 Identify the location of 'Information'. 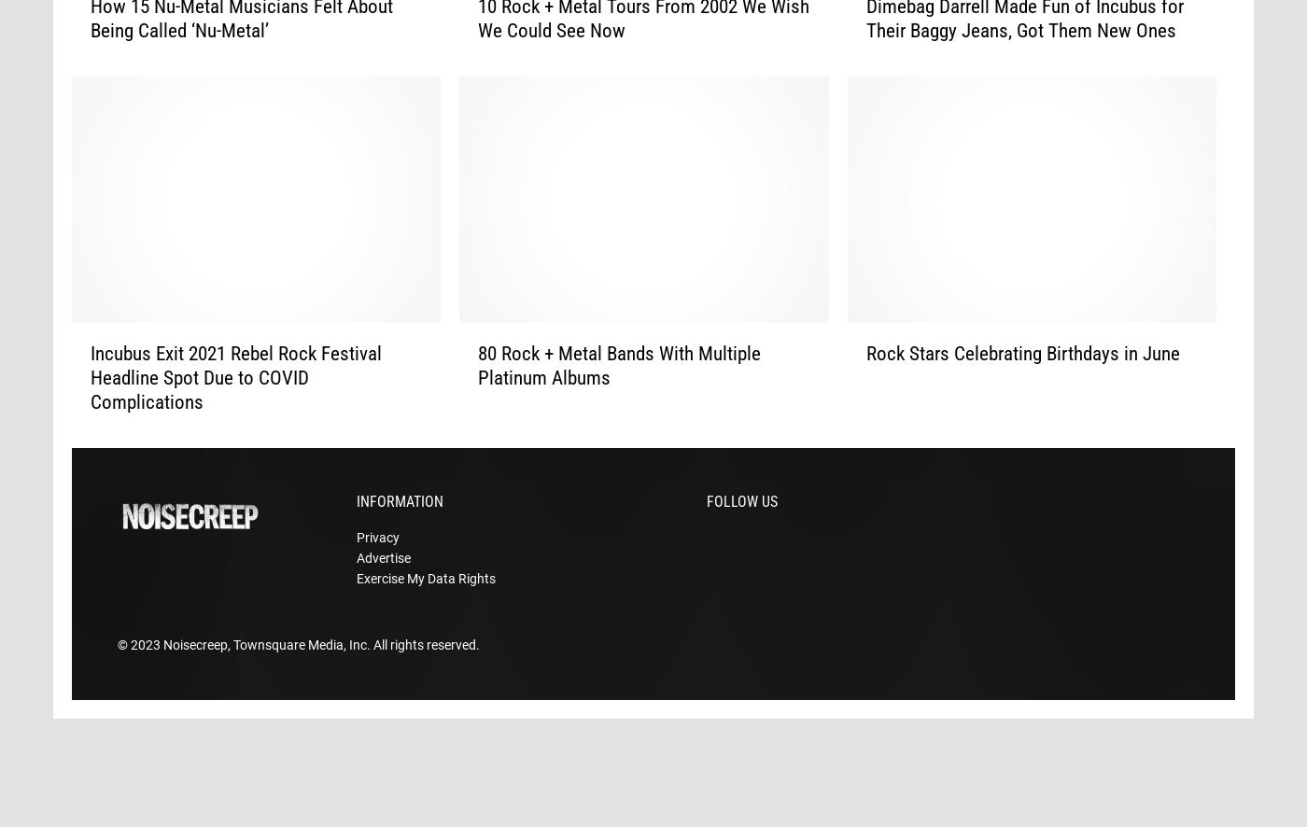
(400, 530).